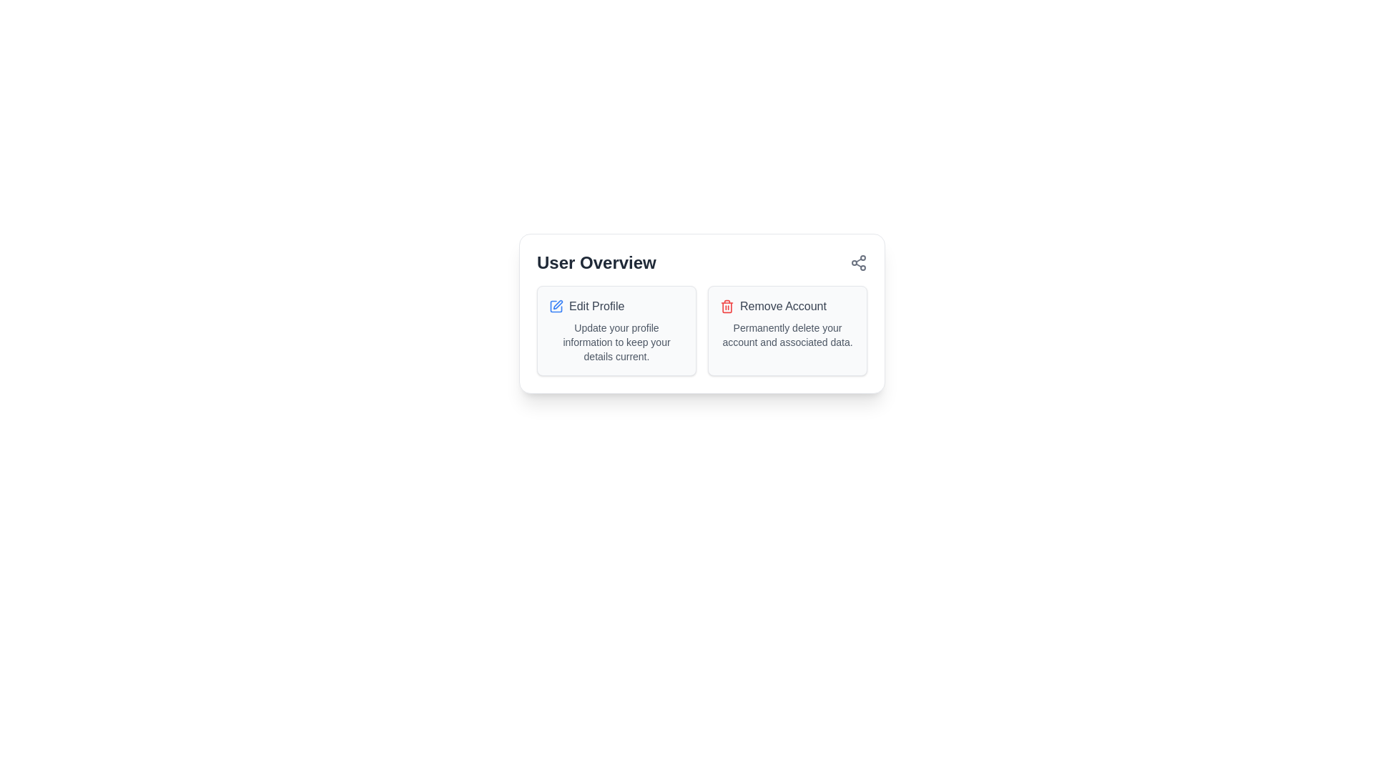  I want to click on the blue pen icon for the 'Edit Profile' section, which indicates an editing function and is positioned to the left of the text content within the card layout, so click(557, 304).